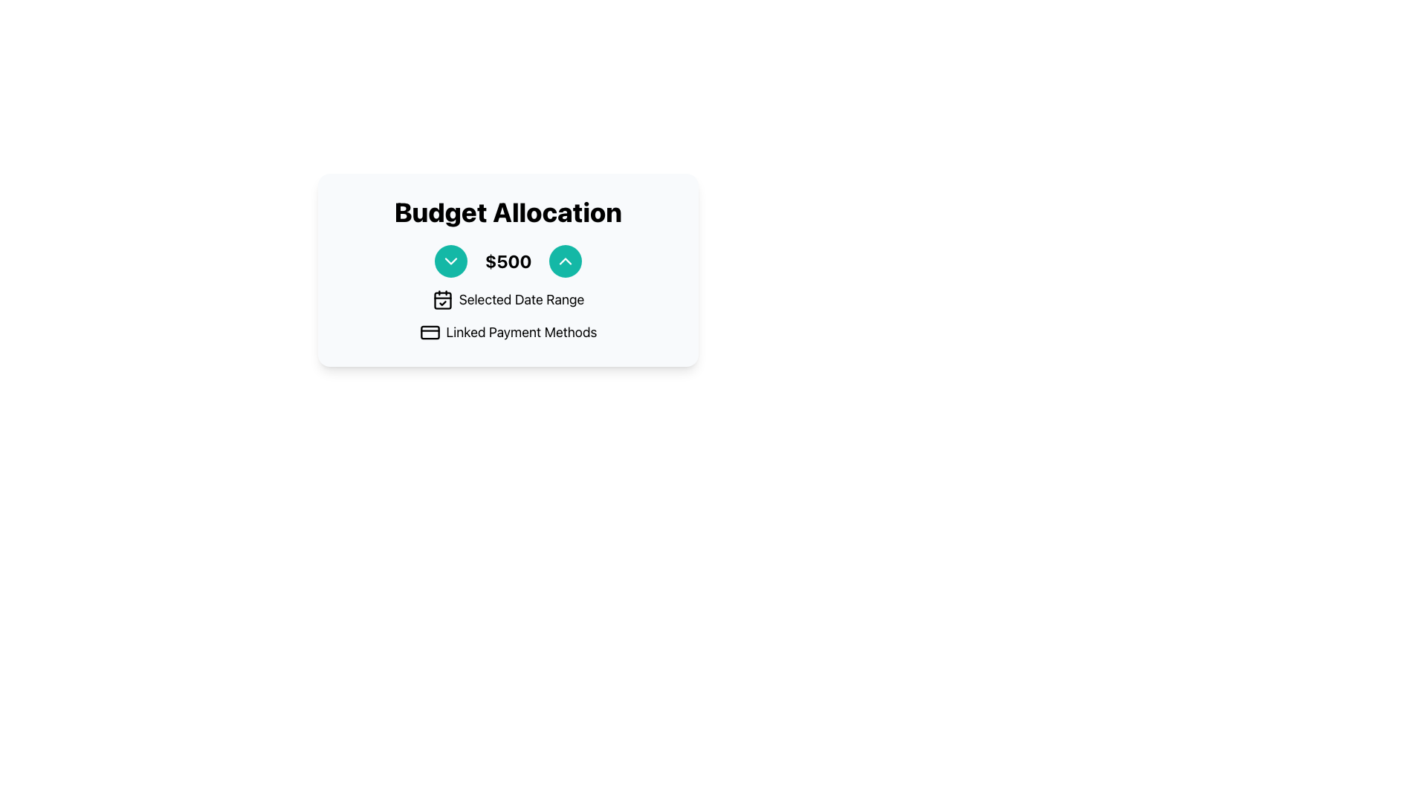 This screenshot has height=802, width=1427. I want to click on the upward chevron icon within the teal circular button located below the 'Budget Allocation' text, so click(565, 260).